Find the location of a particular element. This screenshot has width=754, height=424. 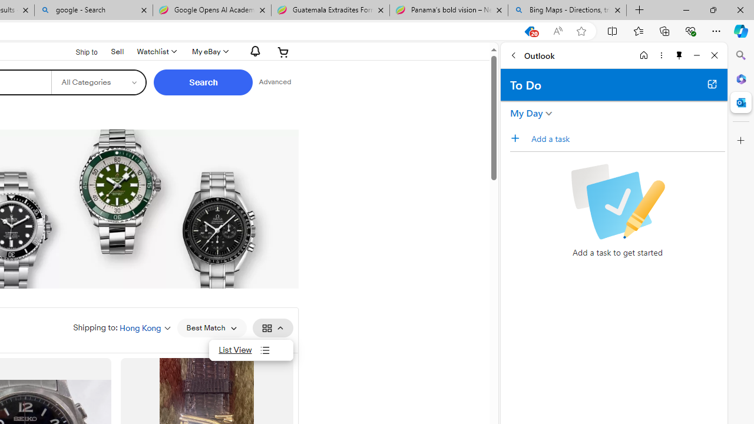

'Home' is located at coordinates (643, 55).